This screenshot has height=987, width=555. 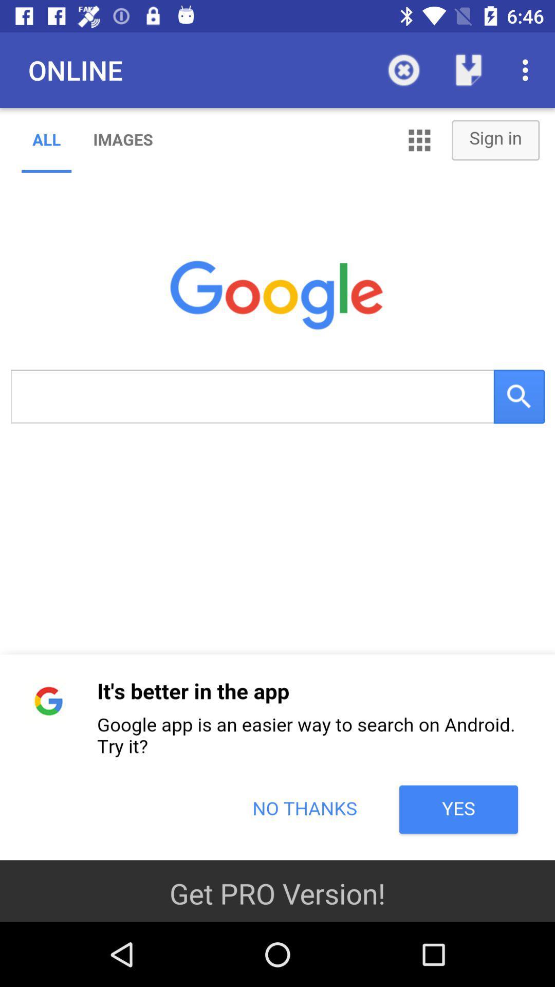 I want to click on google homepage, so click(x=277, y=483).